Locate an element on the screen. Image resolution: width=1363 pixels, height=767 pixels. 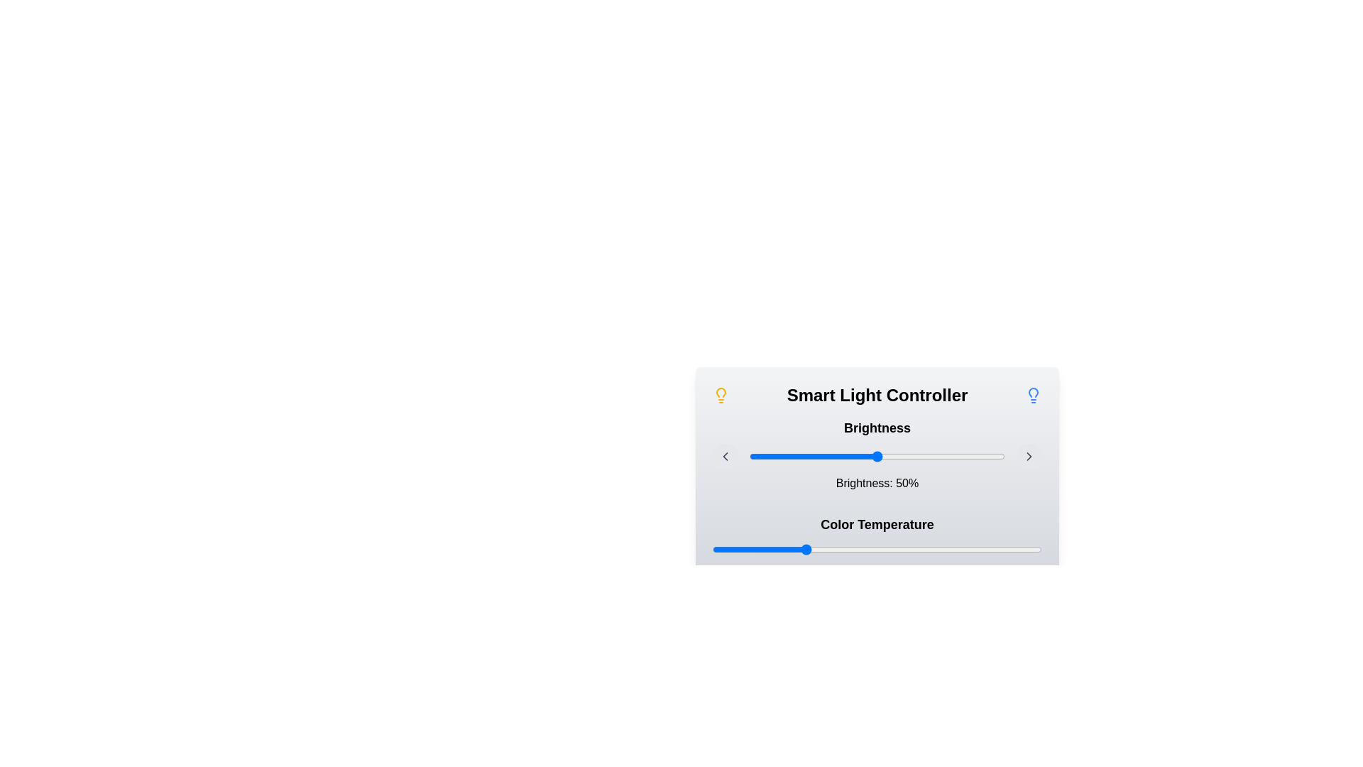
the navigation icon located in the top-left corner of the Smart Light Controller interface is located at coordinates (726, 457).